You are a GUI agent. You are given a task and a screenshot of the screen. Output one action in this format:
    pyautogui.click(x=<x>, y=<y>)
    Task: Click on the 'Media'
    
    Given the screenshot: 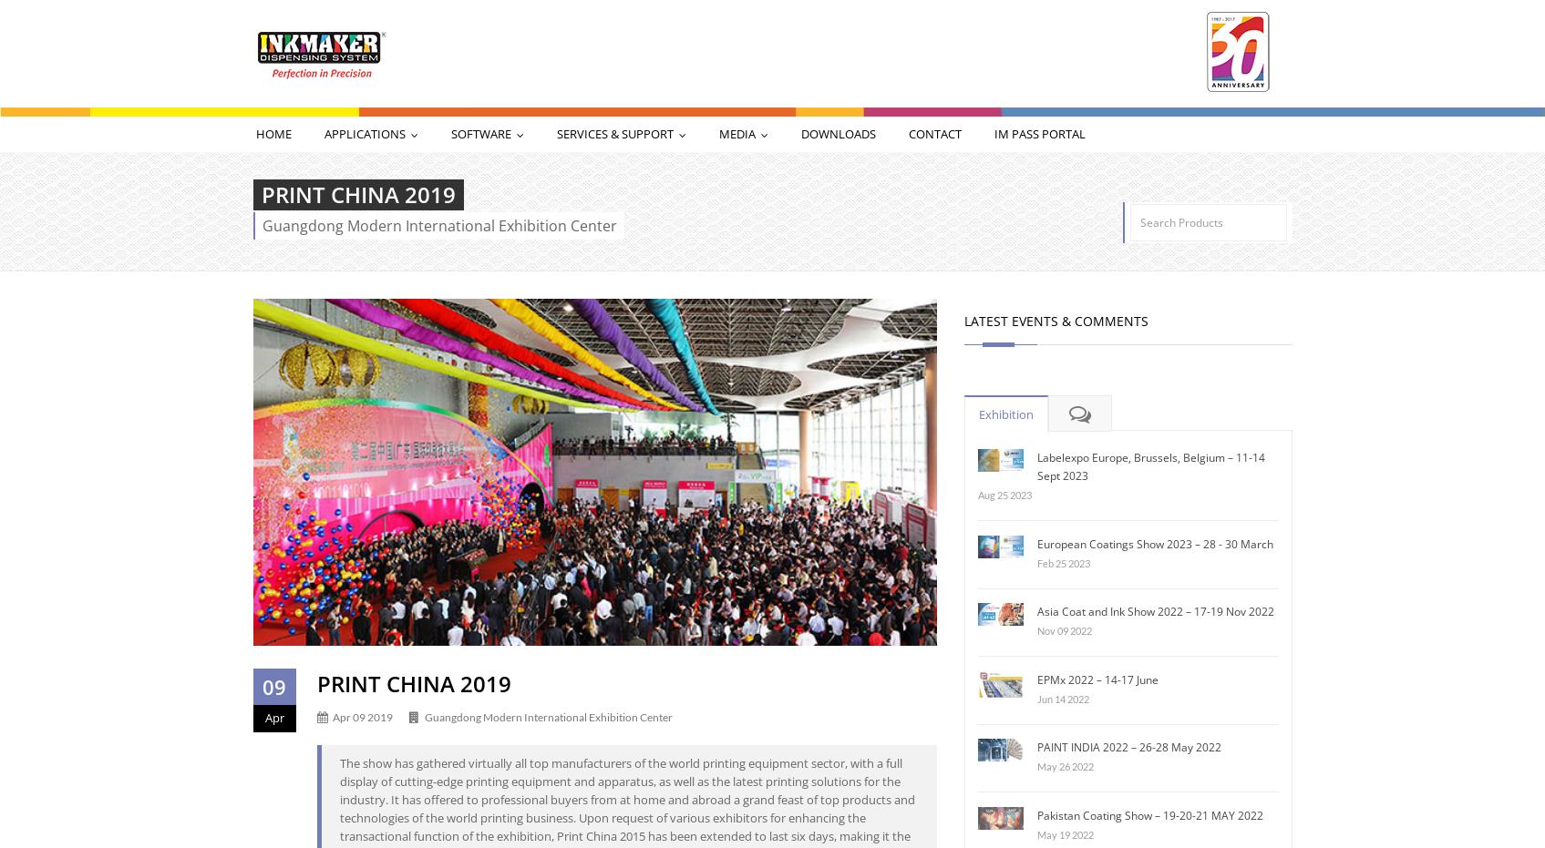 What is the action you would take?
    pyautogui.click(x=736, y=133)
    